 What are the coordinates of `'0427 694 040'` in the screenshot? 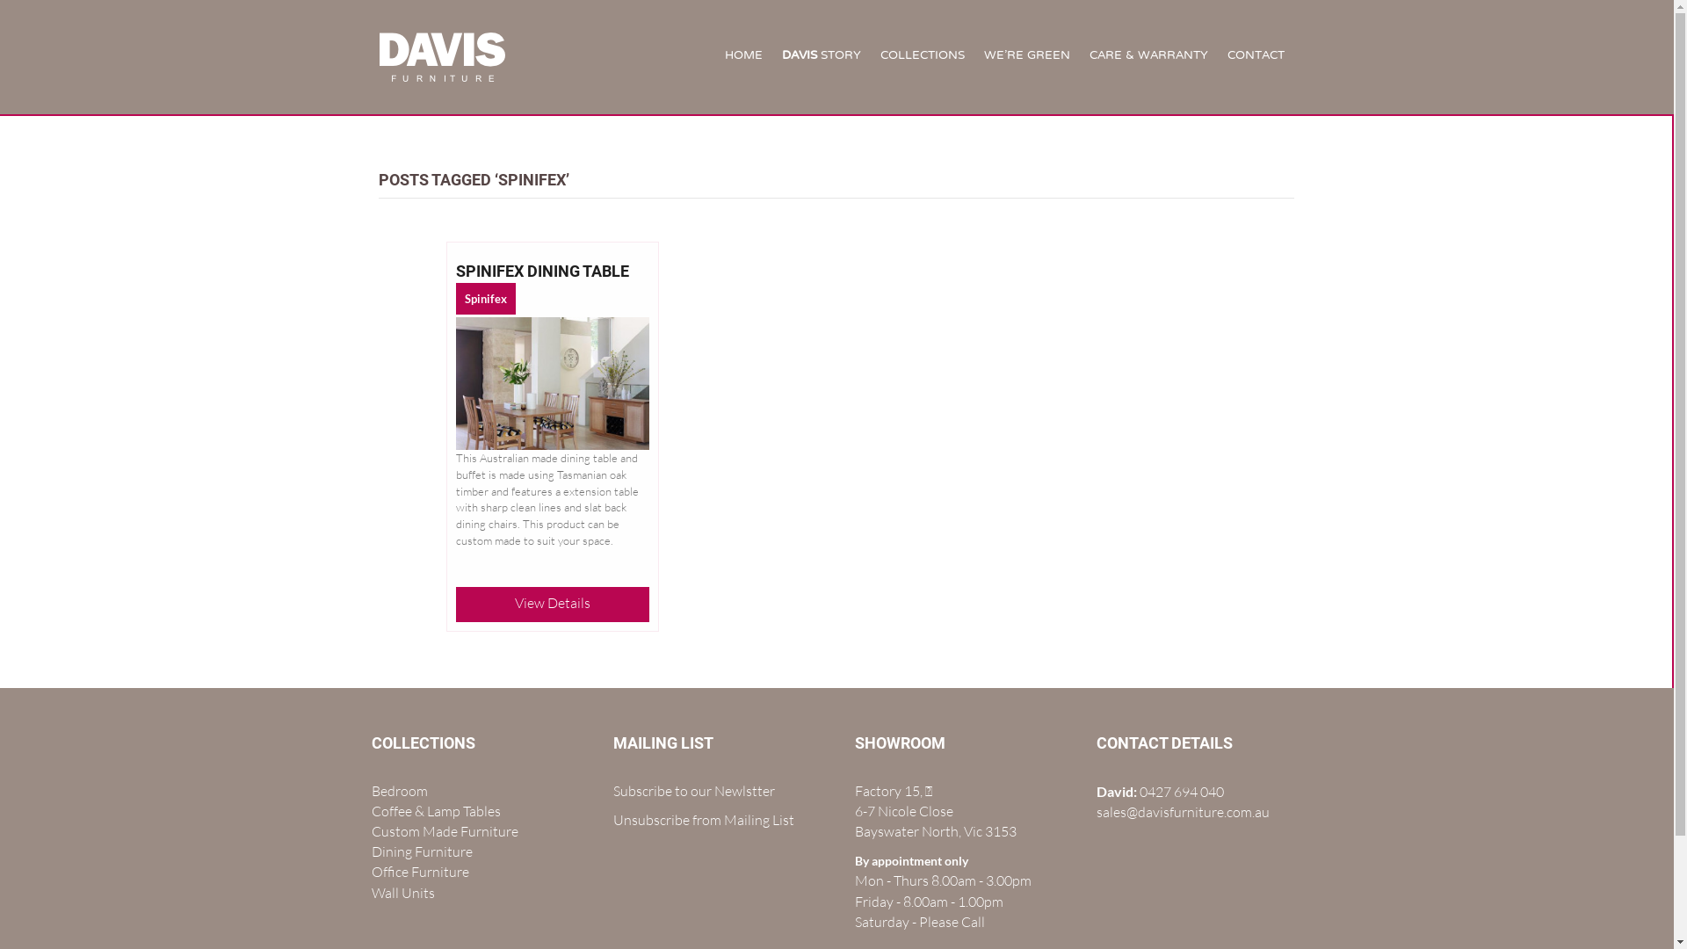 It's located at (1181, 792).